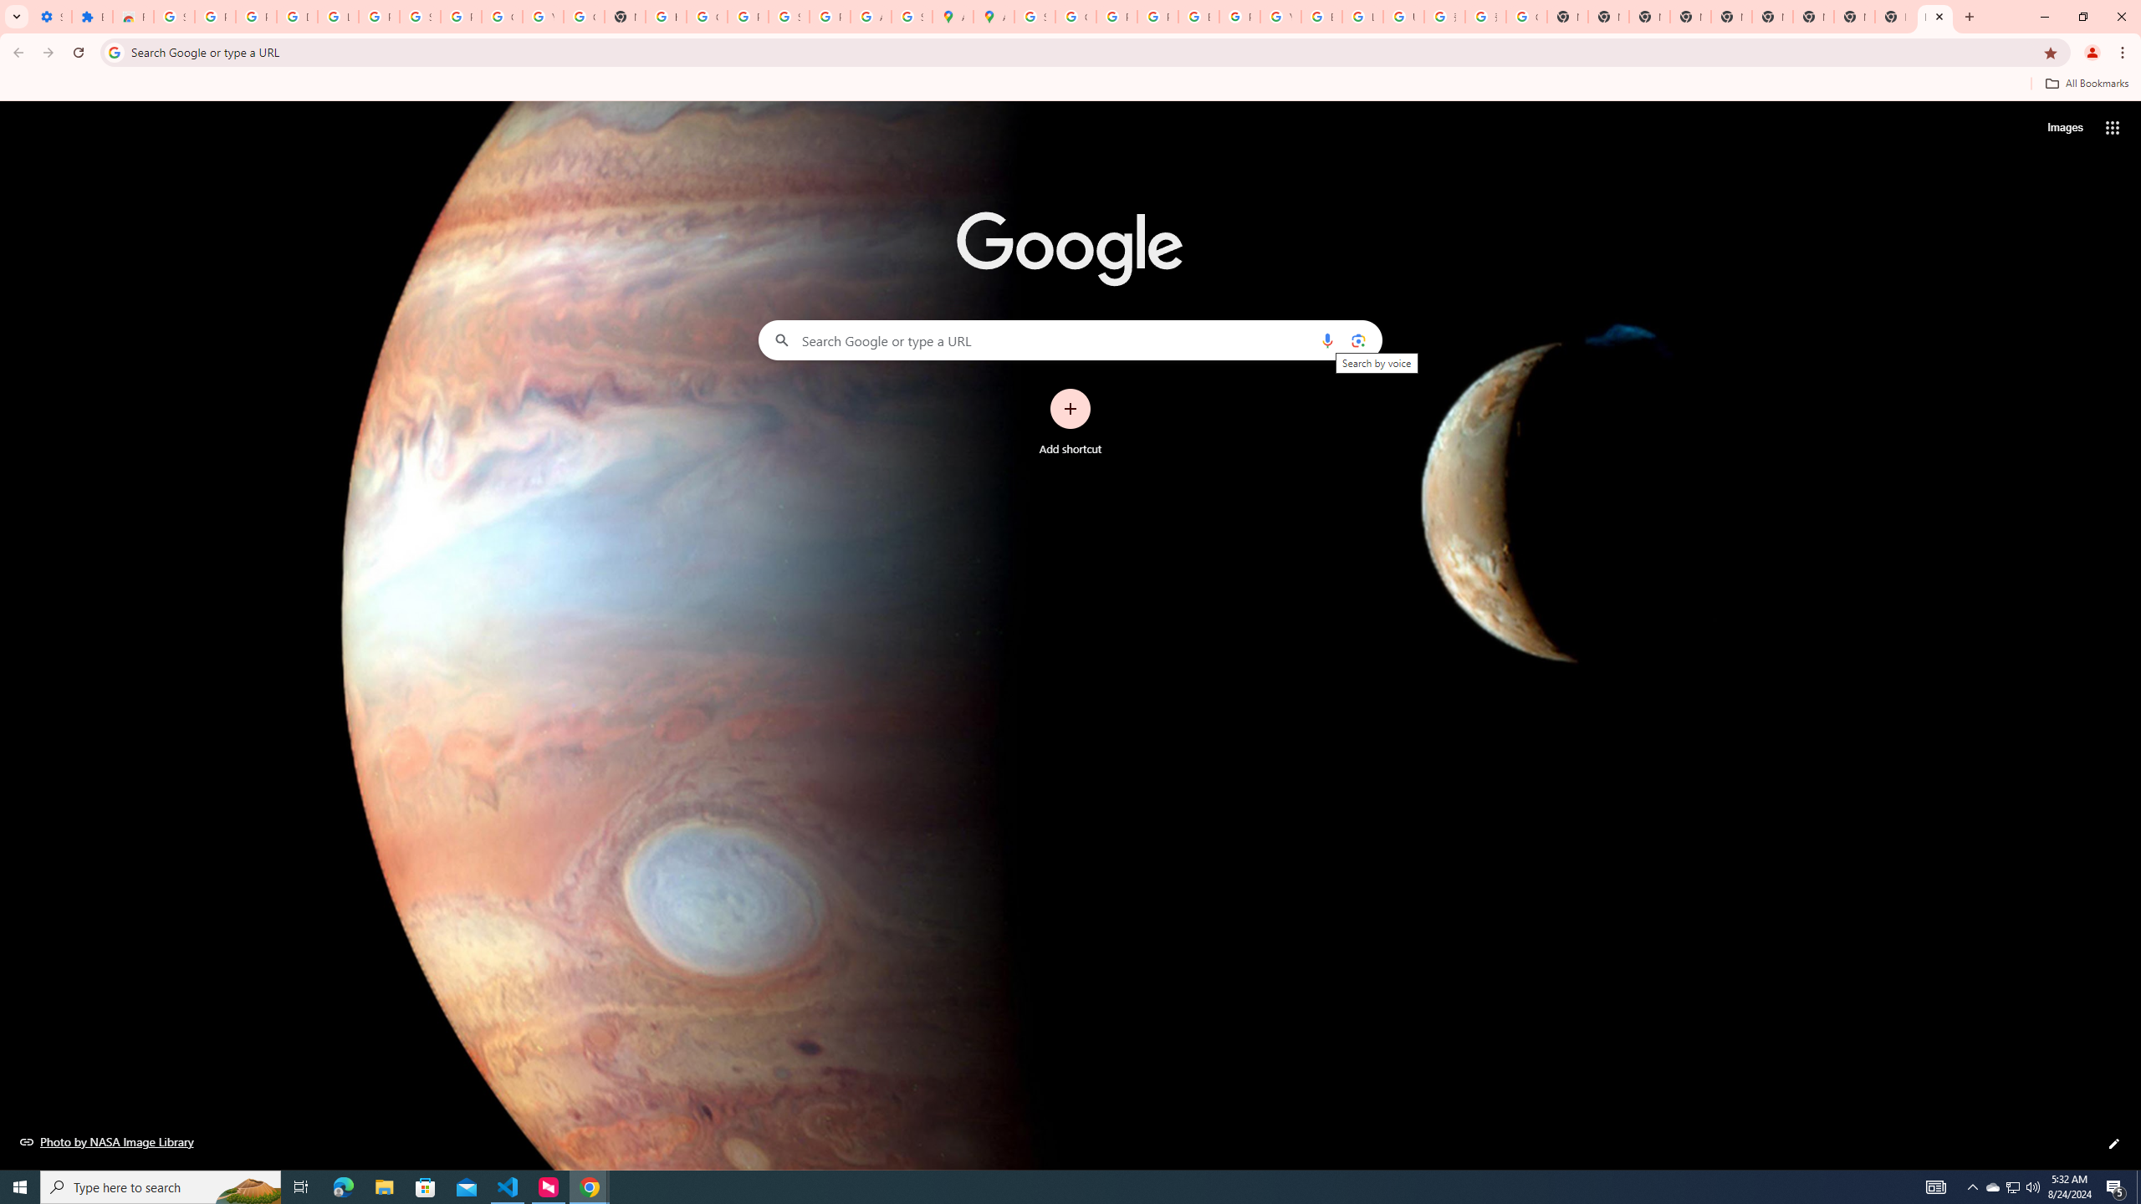 The height and width of the screenshot is (1204, 2141). I want to click on 'YouTube', so click(1279, 16).